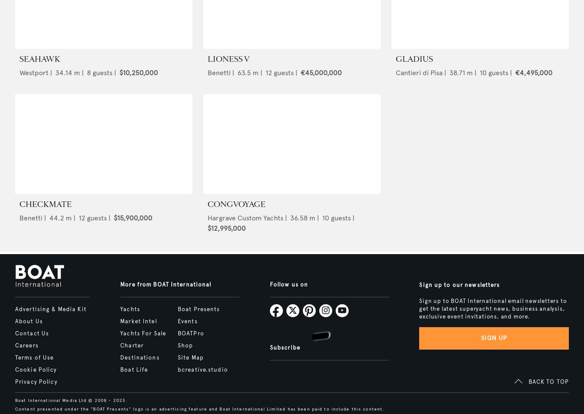  What do you see at coordinates (395, 72) in the screenshot?
I see `'Cantieri di Pisa'` at bounding box center [395, 72].